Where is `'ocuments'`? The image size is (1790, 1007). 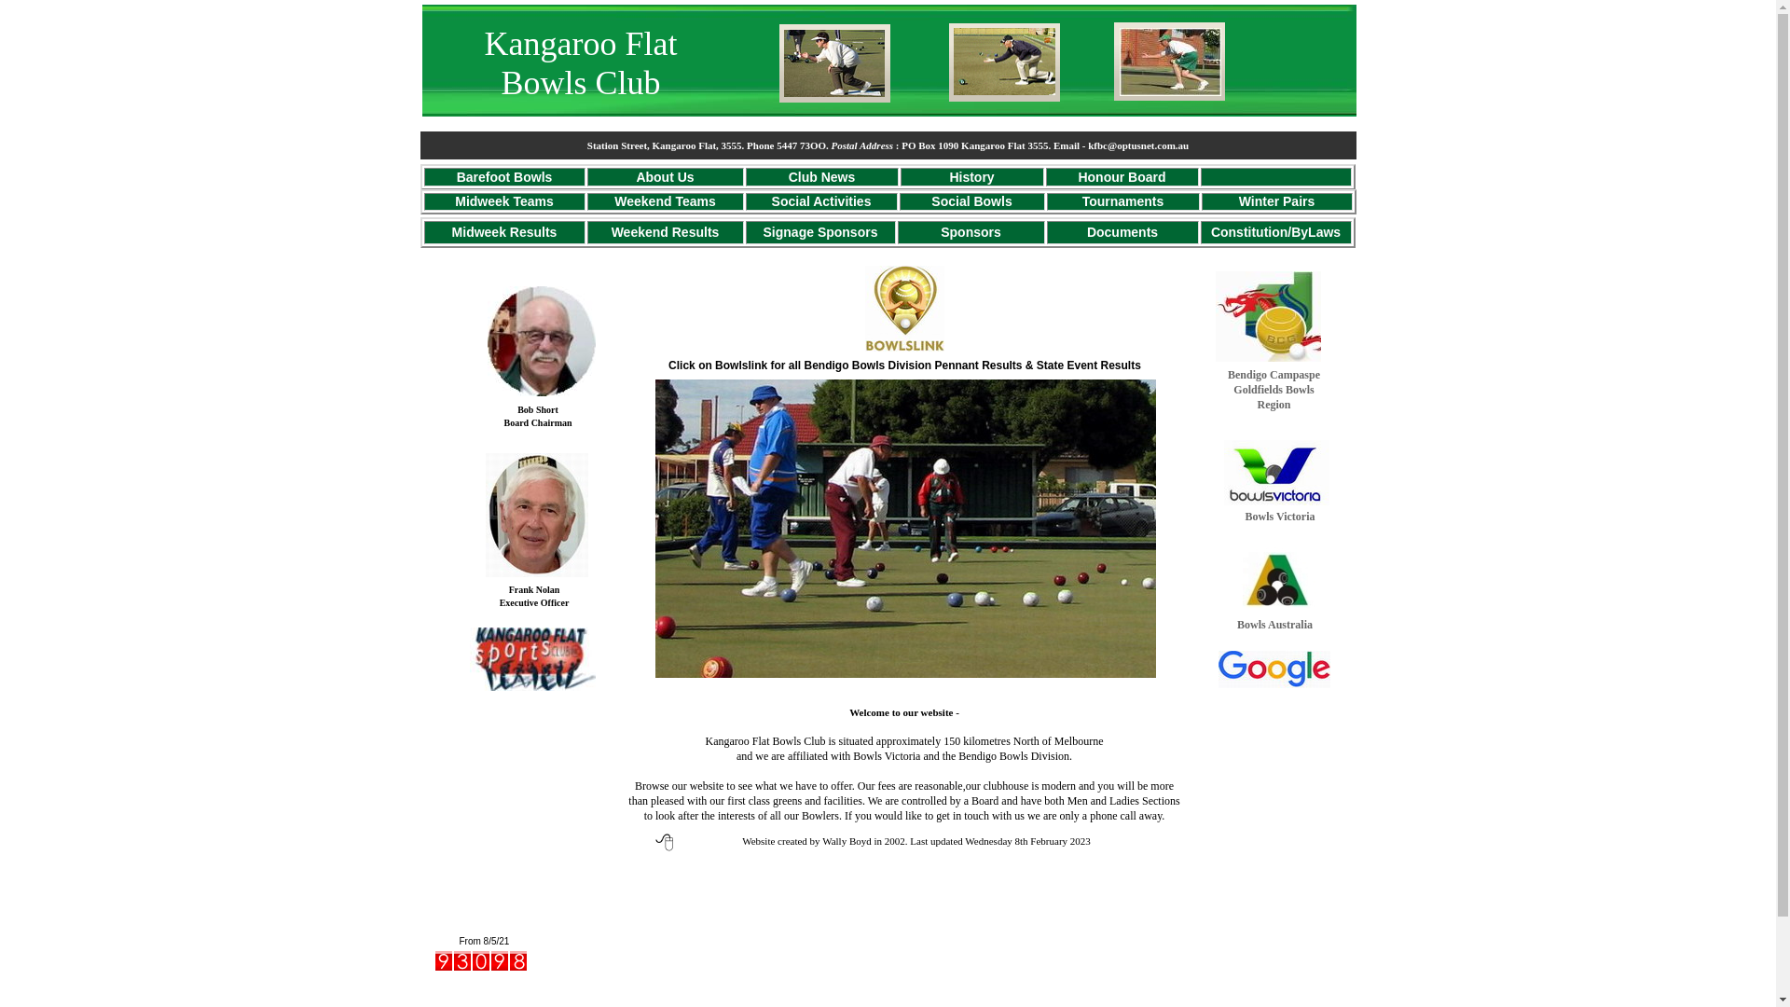
'ocuments' is located at coordinates (1126, 230).